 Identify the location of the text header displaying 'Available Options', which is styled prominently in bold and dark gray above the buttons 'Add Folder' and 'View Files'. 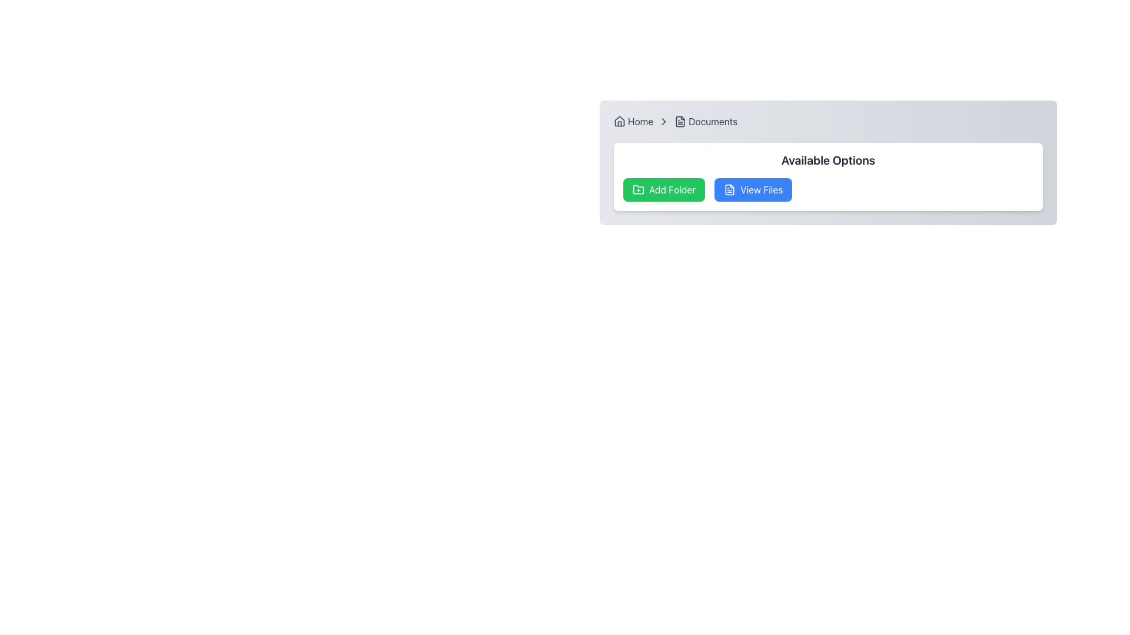
(827, 161).